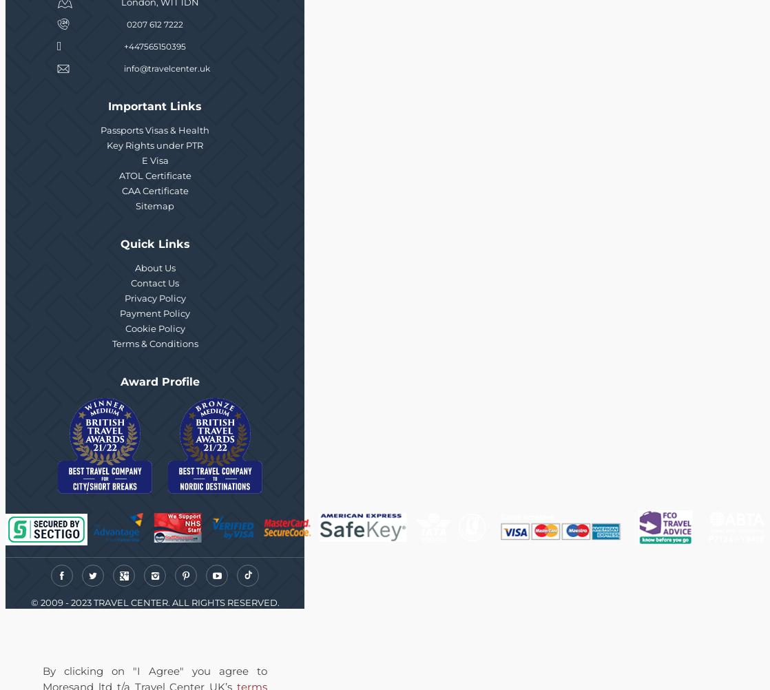 This screenshot has height=690, width=770. I want to click on '0207 612 7222', so click(155, 24).